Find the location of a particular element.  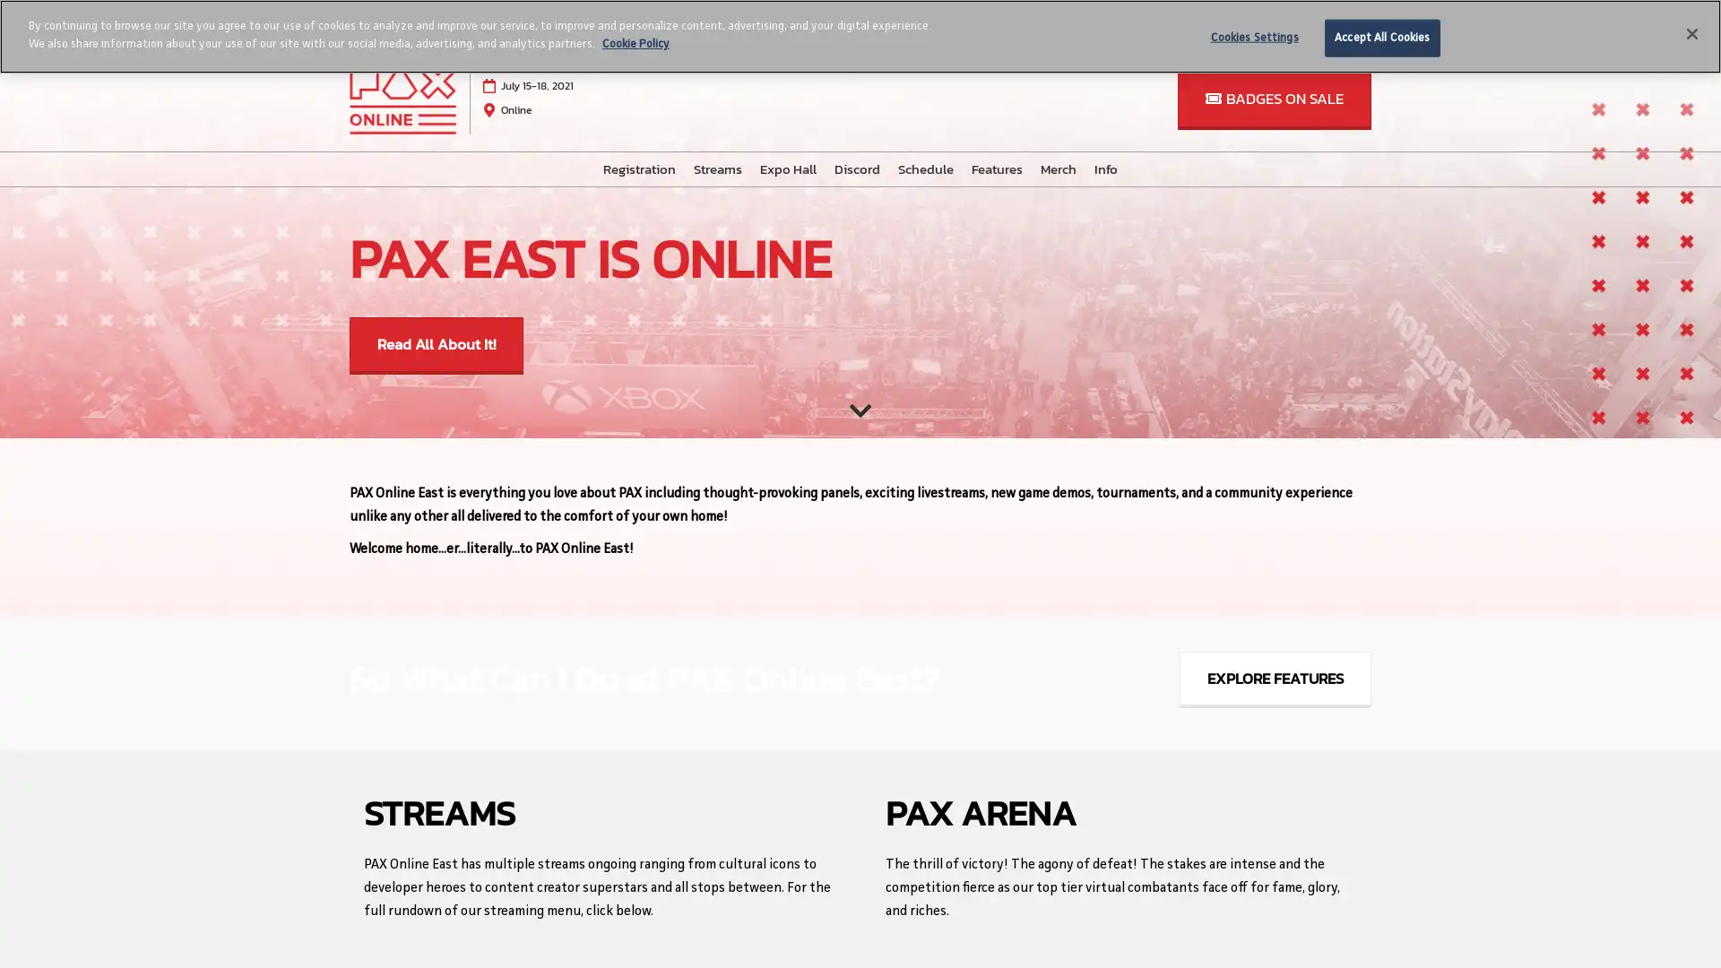

Accept All Cookies is located at coordinates (1380, 38).